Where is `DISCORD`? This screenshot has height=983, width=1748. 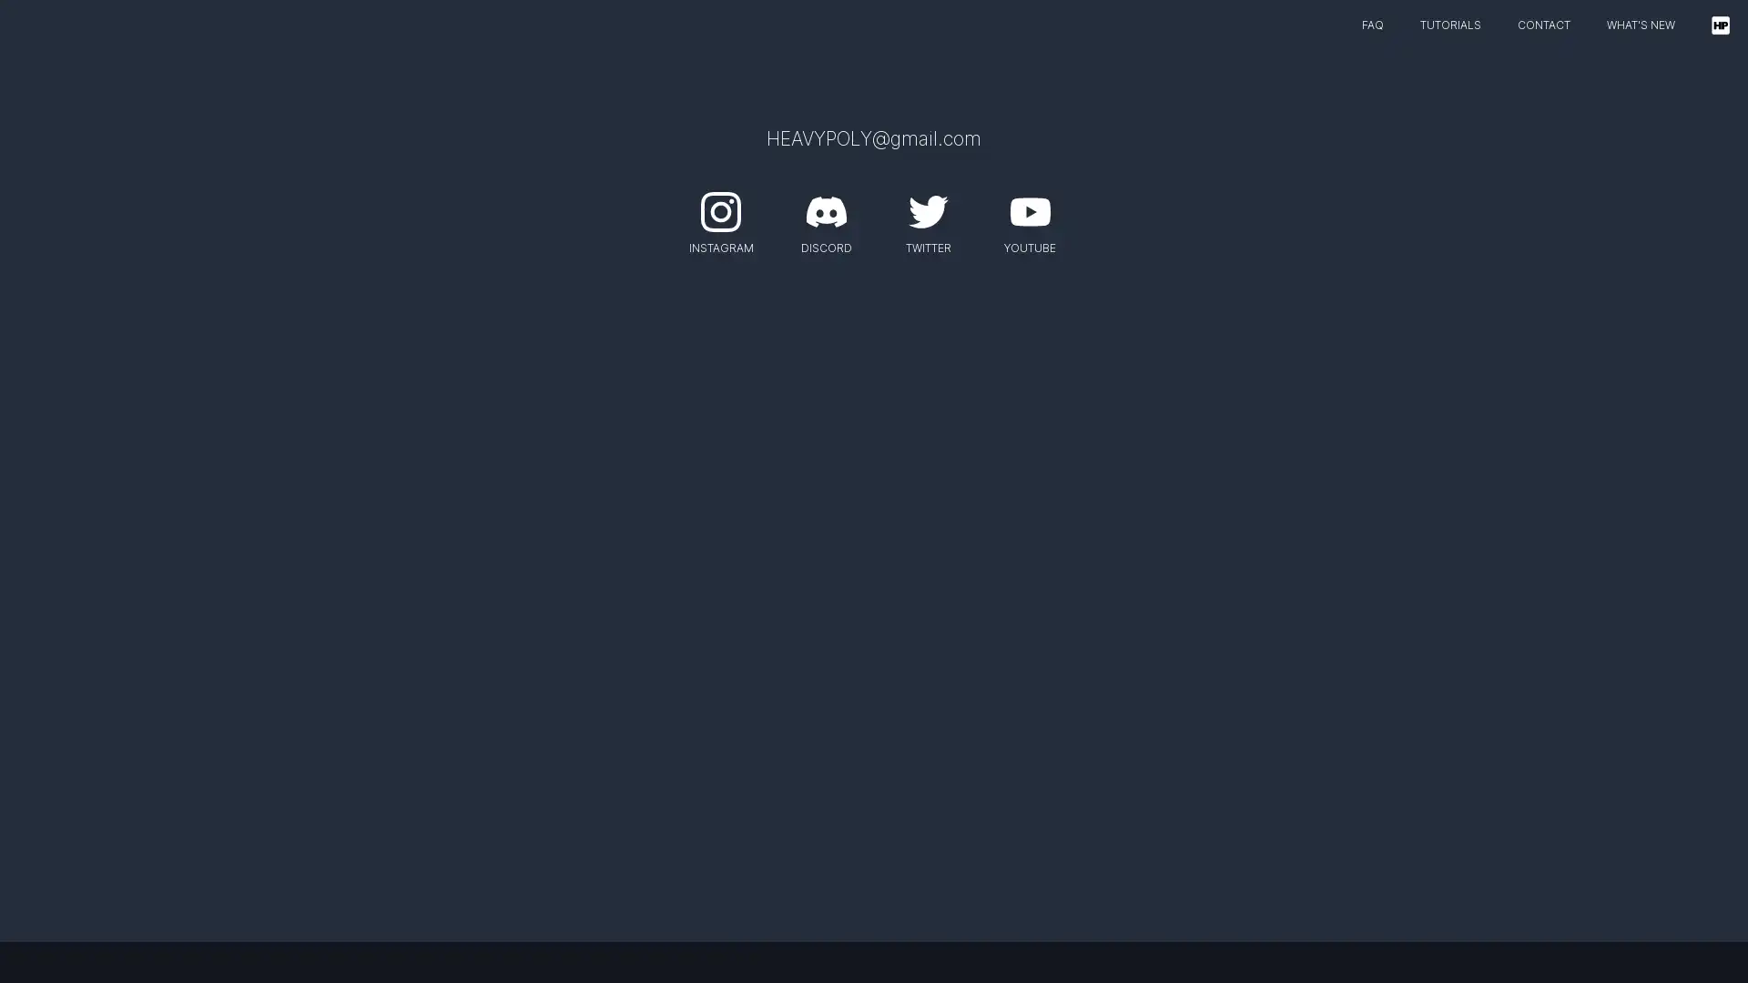 DISCORD is located at coordinates (825, 218).